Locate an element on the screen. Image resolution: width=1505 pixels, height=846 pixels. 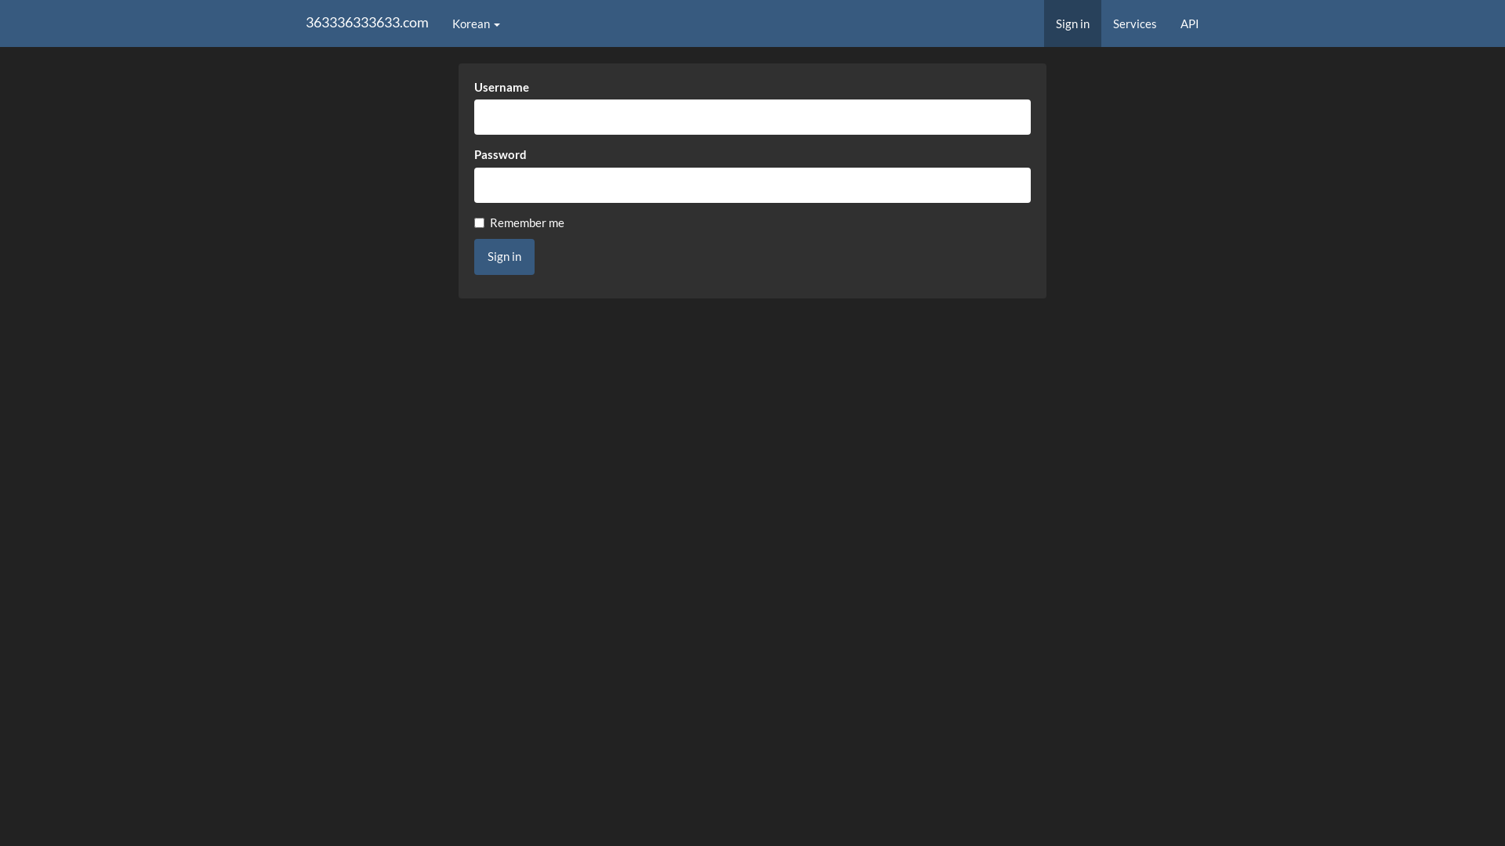
'API' is located at coordinates (1189, 23).